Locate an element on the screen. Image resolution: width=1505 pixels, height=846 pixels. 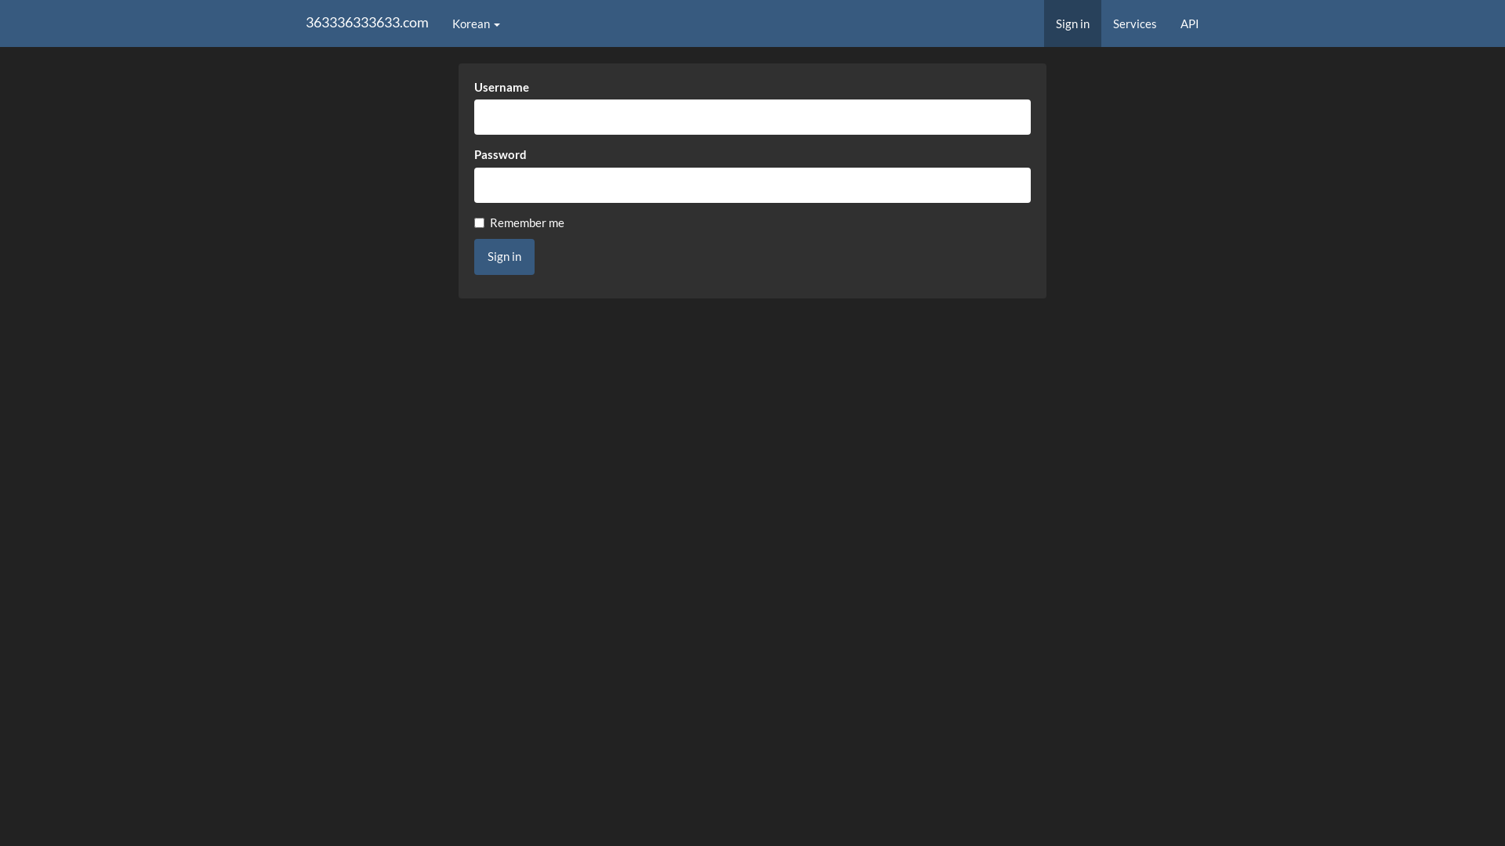
'API' is located at coordinates (1189, 23).